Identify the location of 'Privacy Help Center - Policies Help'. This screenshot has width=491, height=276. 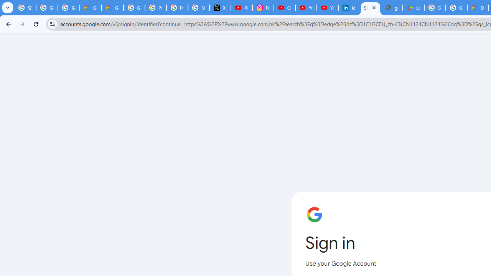
(155, 8).